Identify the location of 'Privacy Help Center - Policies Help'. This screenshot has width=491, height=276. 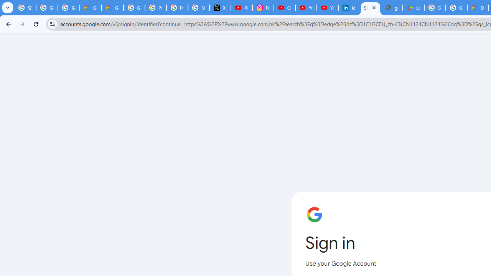
(155, 8).